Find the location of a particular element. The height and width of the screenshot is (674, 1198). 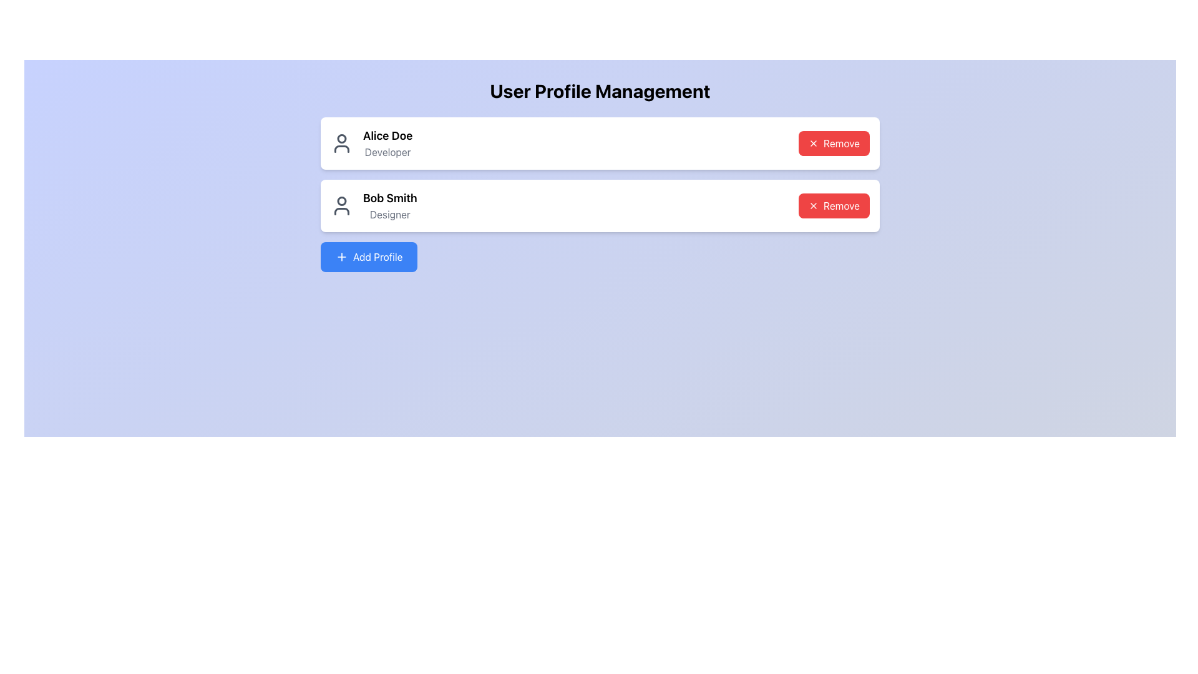

the small 'X' icon within the 'Remove' button in the profile section for 'Alice Doe', which is positioned to the left of the text 'Remove' is located at coordinates (813, 143).